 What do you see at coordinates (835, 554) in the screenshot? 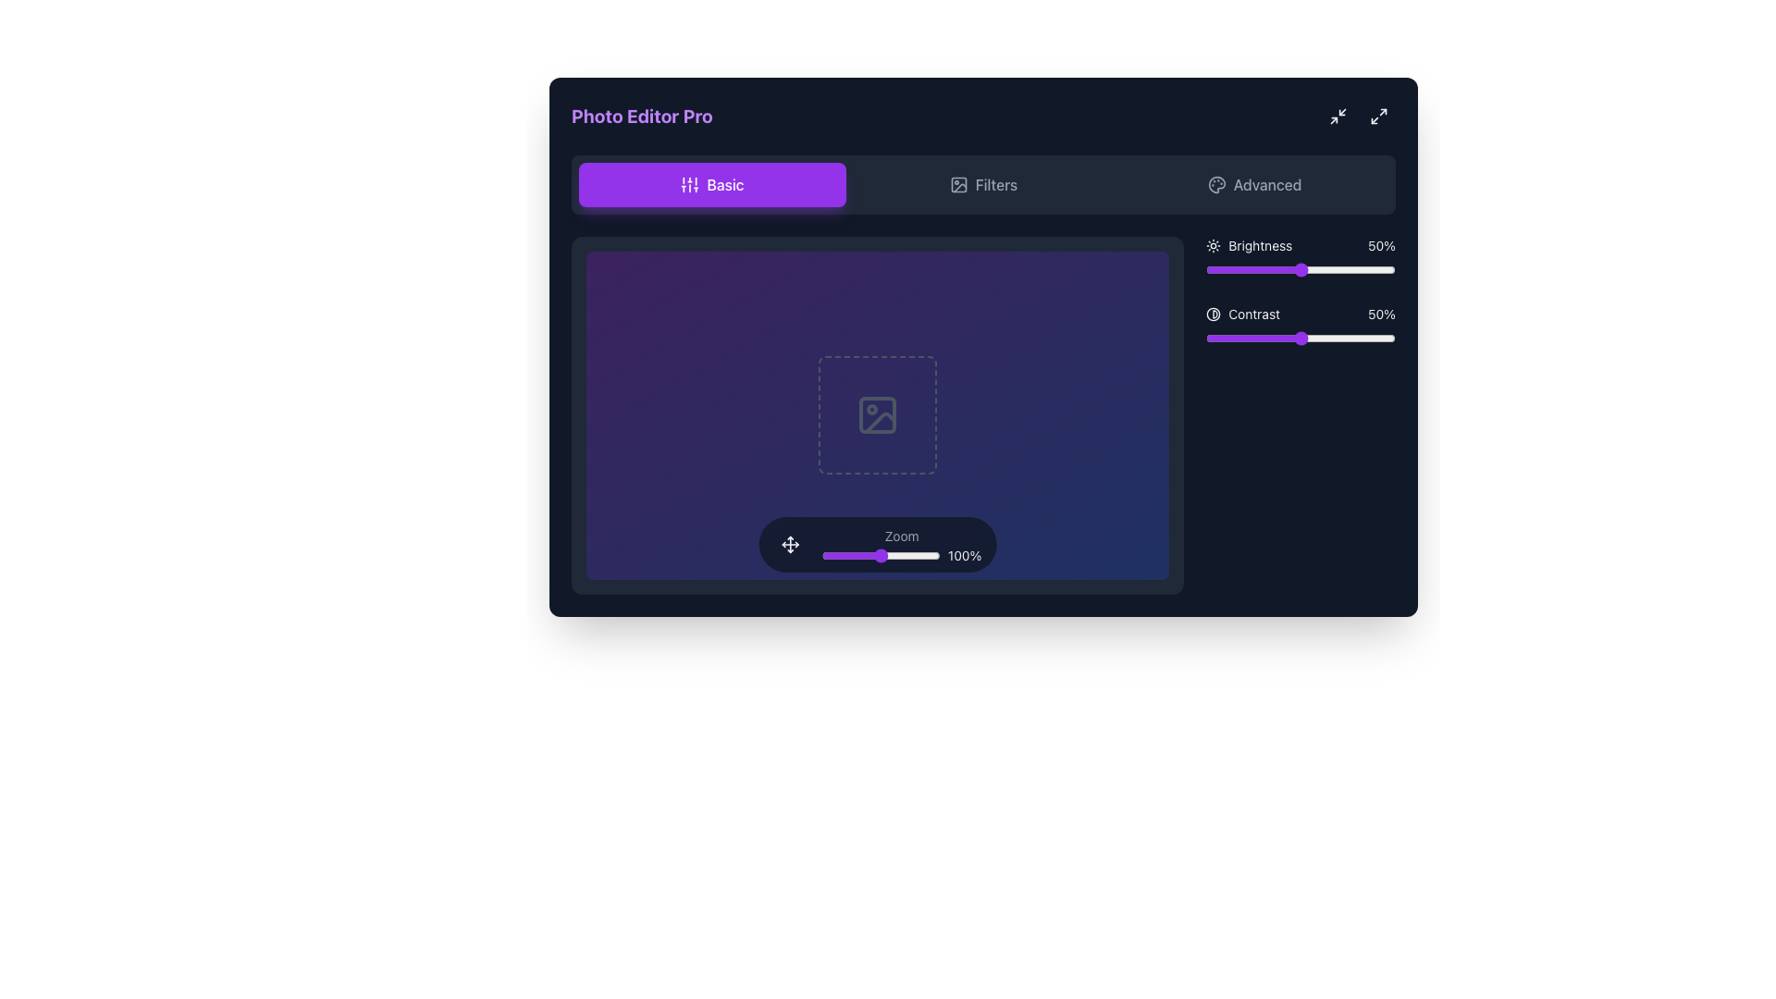
I see `the zoom level` at bounding box center [835, 554].